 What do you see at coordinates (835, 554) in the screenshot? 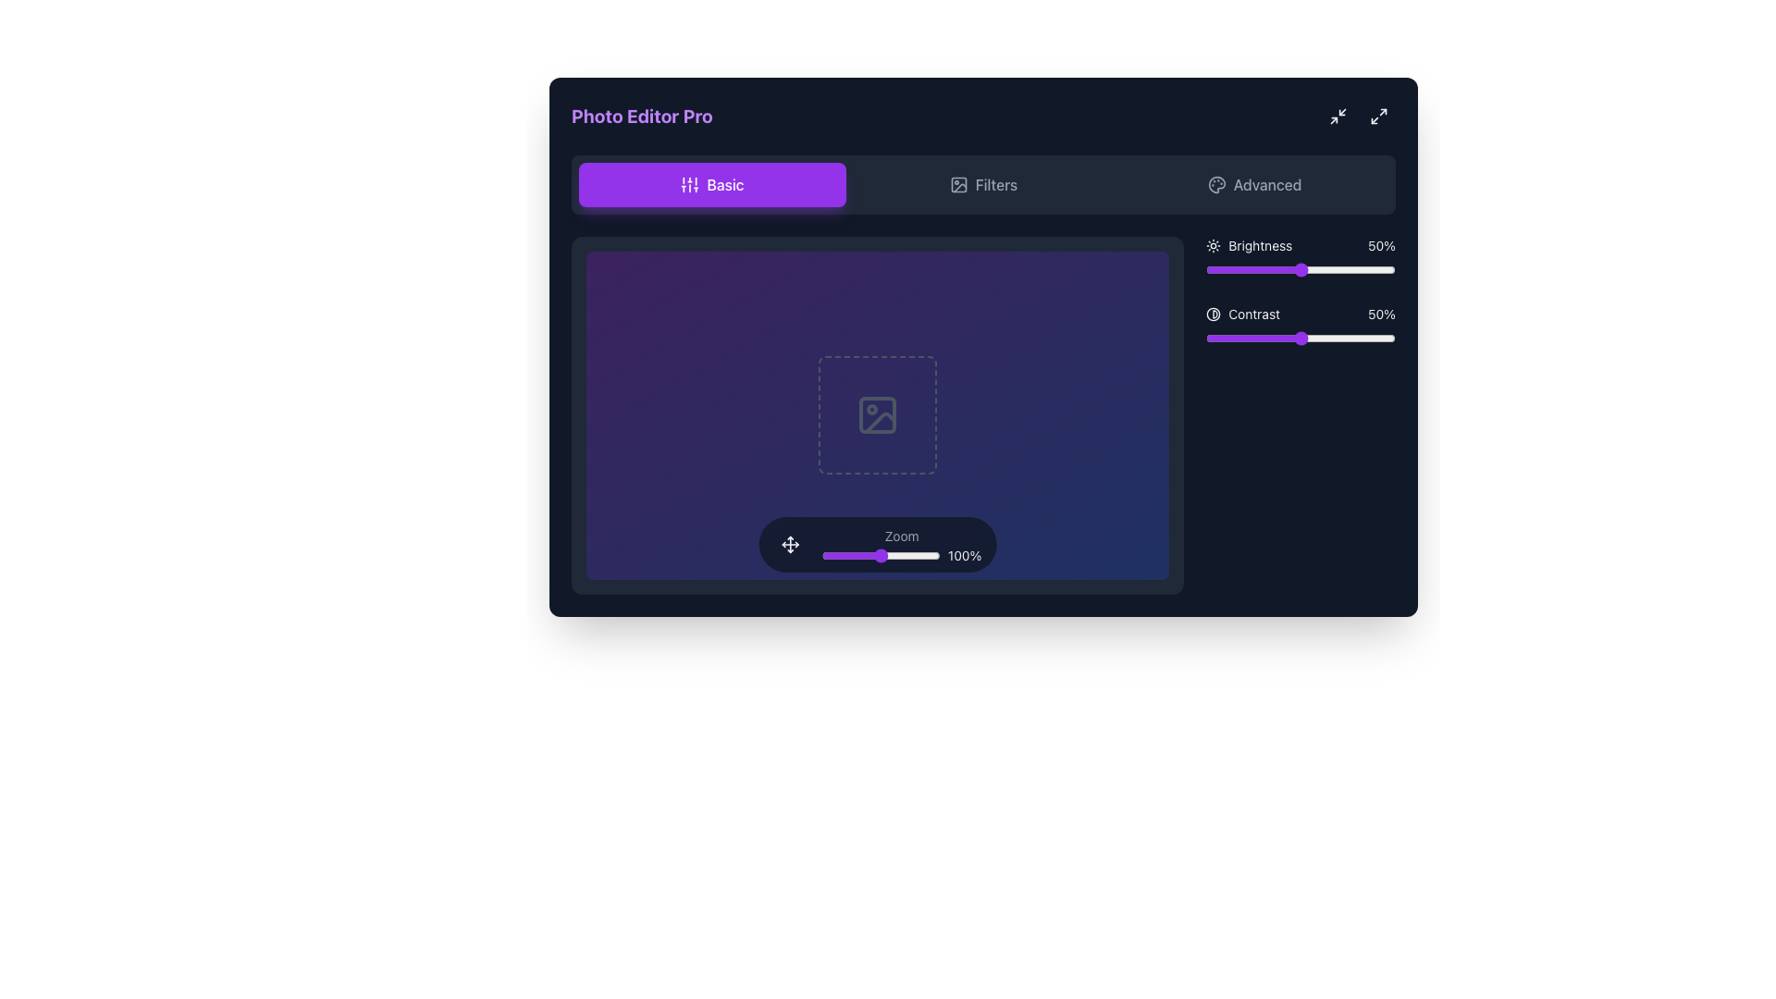
I see `the zoom level` at bounding box center [835, 554].